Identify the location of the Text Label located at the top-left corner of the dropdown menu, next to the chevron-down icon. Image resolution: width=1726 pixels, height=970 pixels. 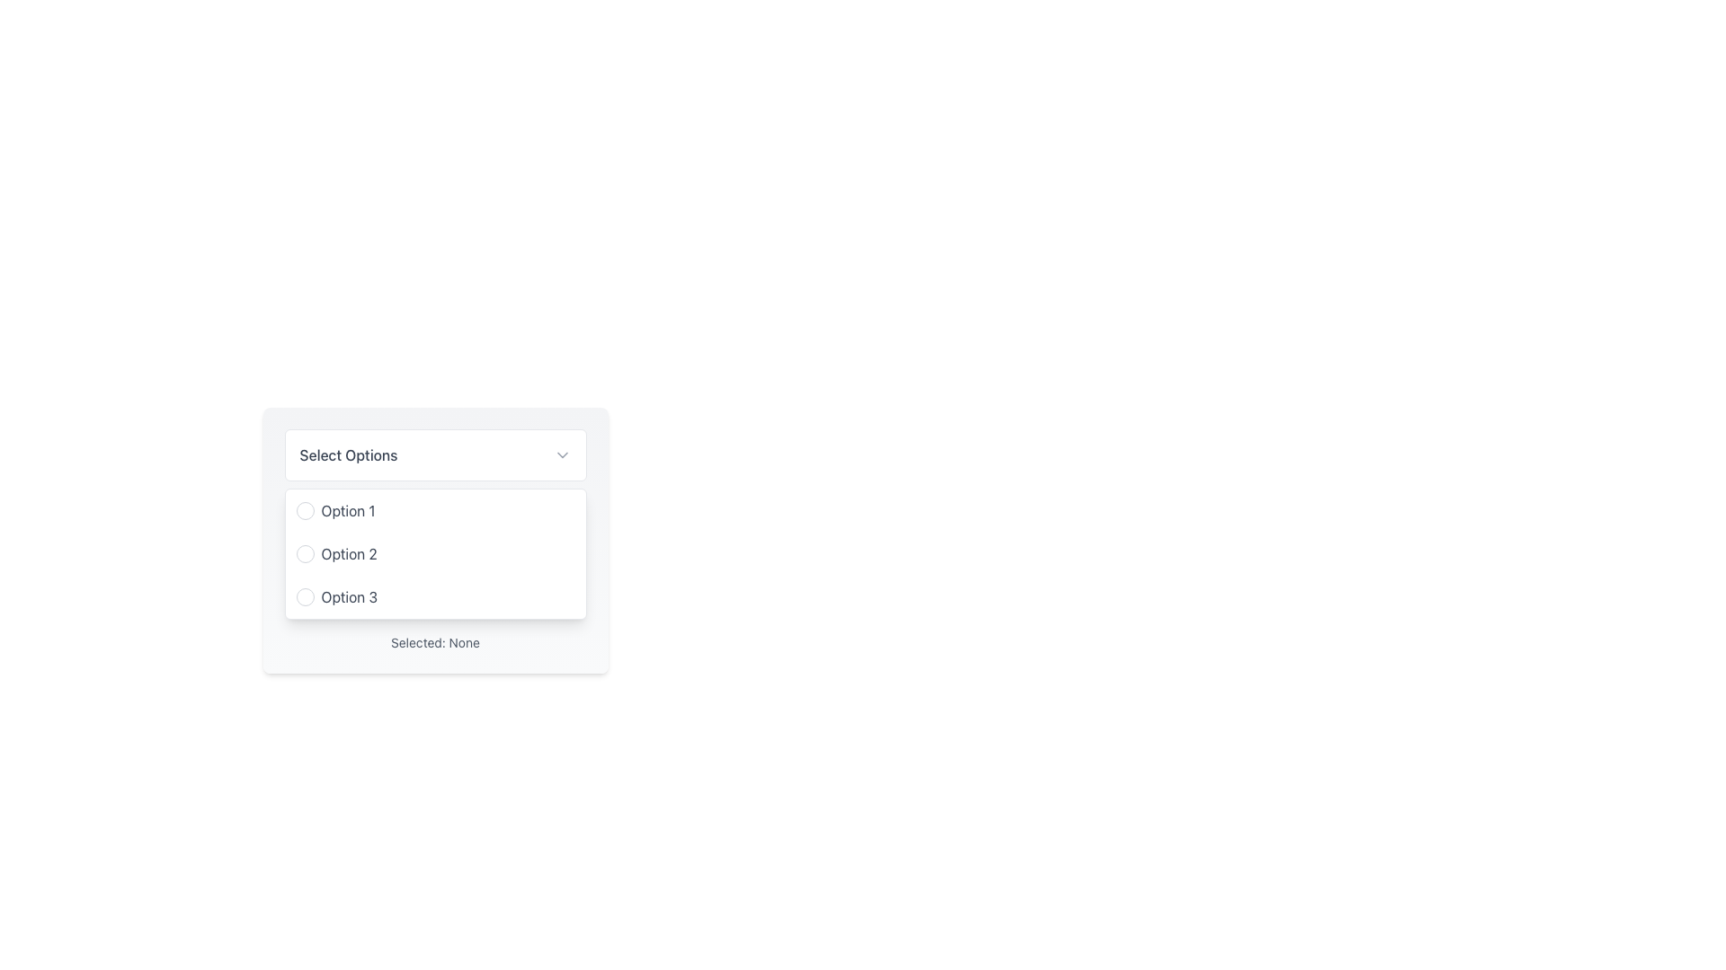
(349, 454).